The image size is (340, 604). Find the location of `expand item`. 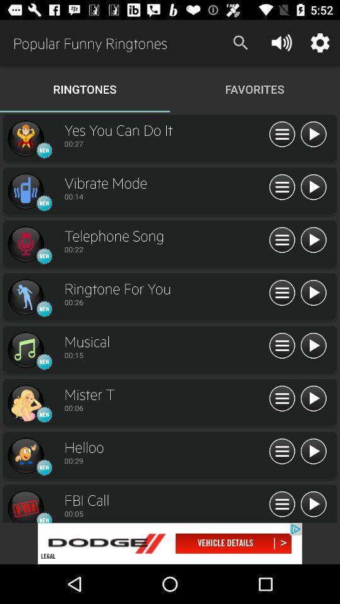

expand item is located at coordinates (282, 293).